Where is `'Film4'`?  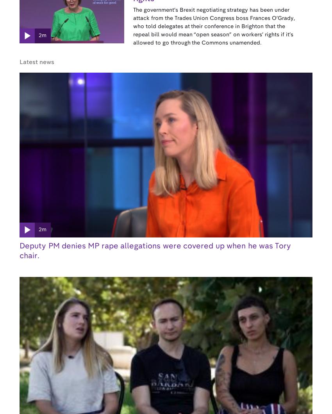 'Film4' is located at coordinates (193, 318).